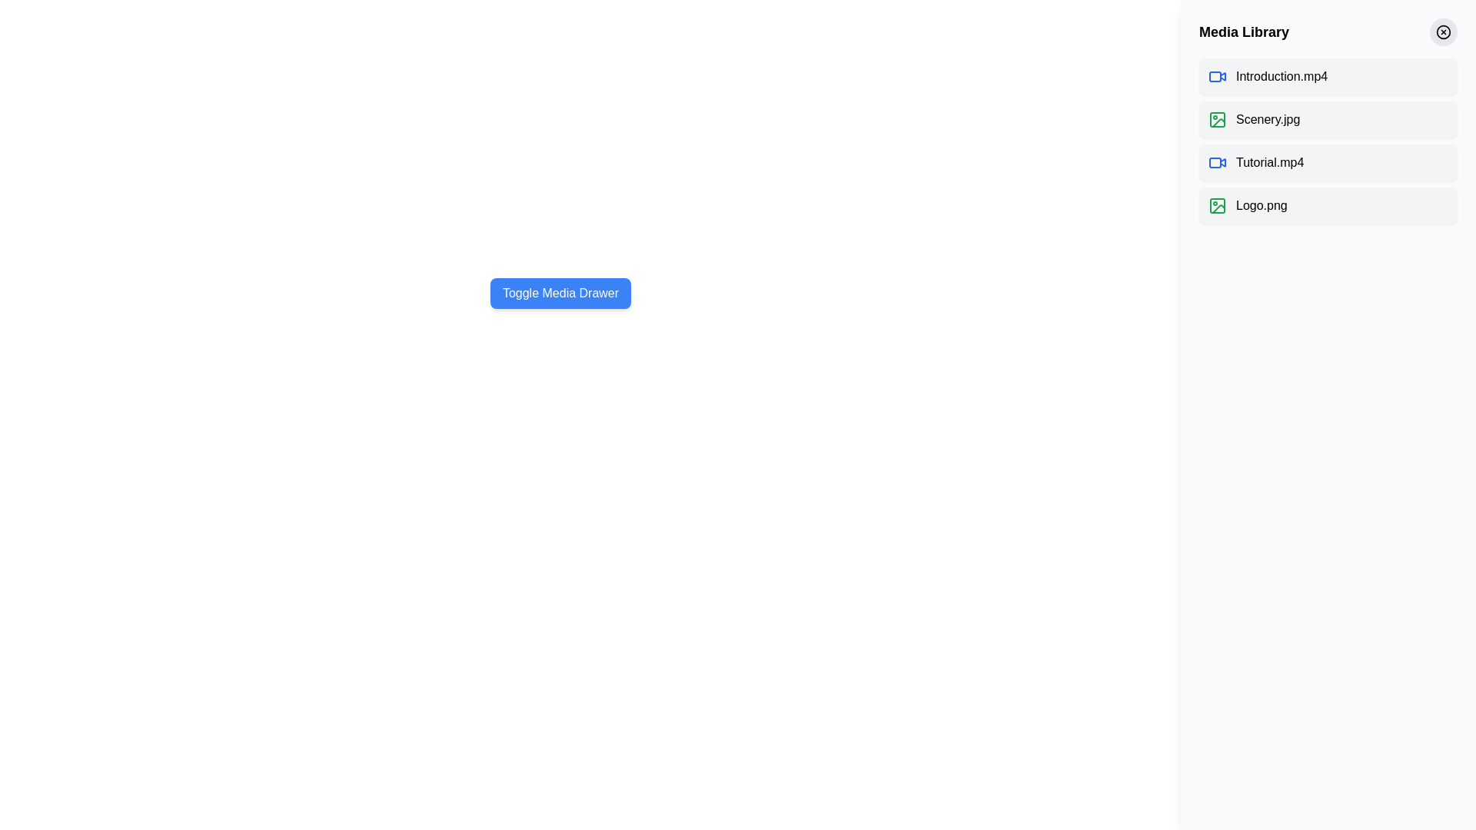 This screenshot has height=830, width=1476. I want to click on the label representing the file 'Tutorial.mp4' in the Media Library panel, so click(1270, 163).